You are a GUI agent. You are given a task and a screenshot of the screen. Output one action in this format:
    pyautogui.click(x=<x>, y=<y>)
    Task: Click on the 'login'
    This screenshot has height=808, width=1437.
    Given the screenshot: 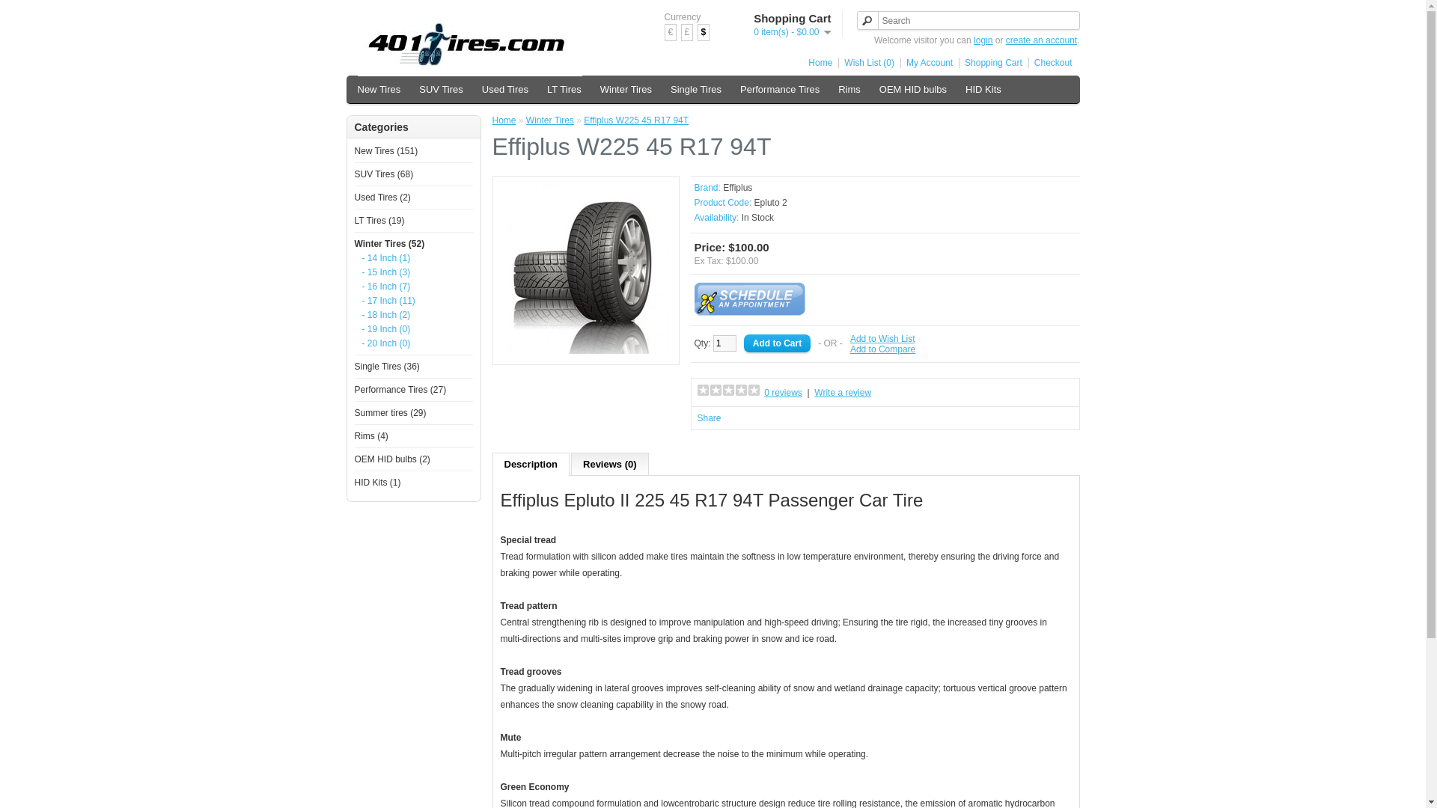 What is the action you would take?
    pyautogui.click(x=973, y=40)
    